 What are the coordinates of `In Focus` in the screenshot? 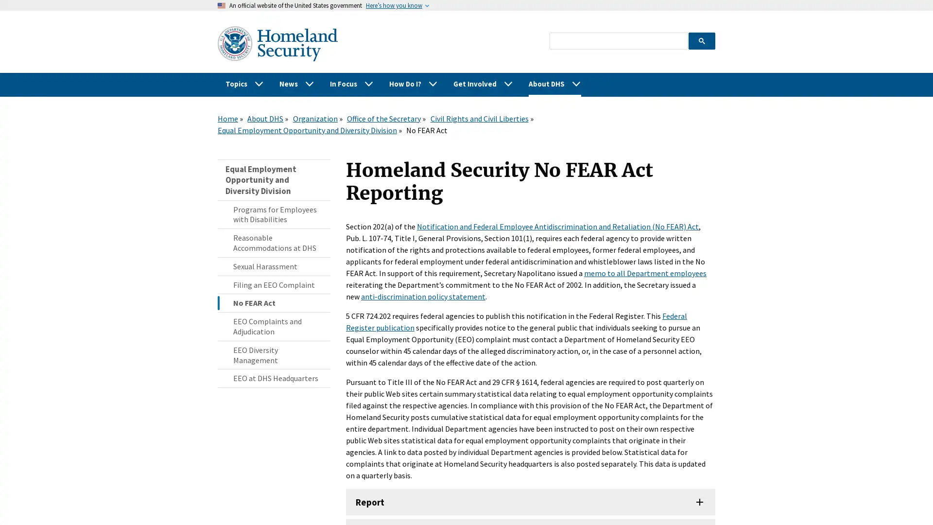 It's located at (351, 83).